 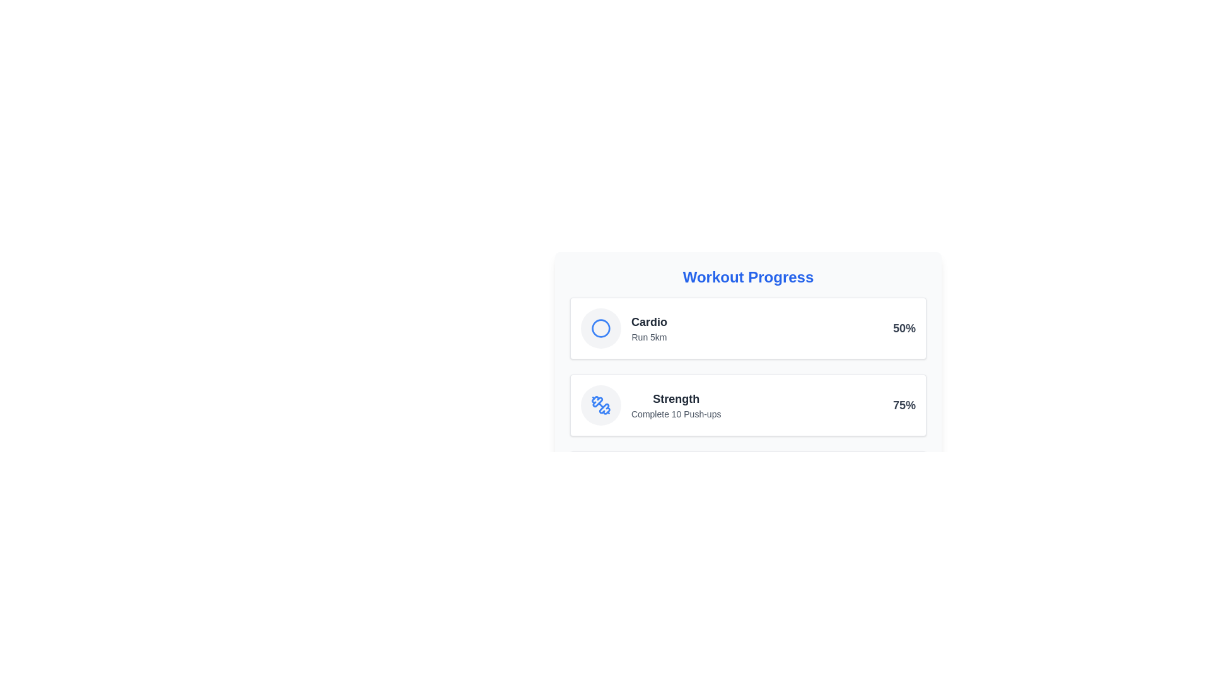 What do you see at coordinates (748, 327) in the screenshot?
I see `the Card item that displays 'Cardio' and 'Run 5km' with a percentage of '50%' on the right, which is the first item in the 'Workout Progress' list` at bounding box center [748, 327].